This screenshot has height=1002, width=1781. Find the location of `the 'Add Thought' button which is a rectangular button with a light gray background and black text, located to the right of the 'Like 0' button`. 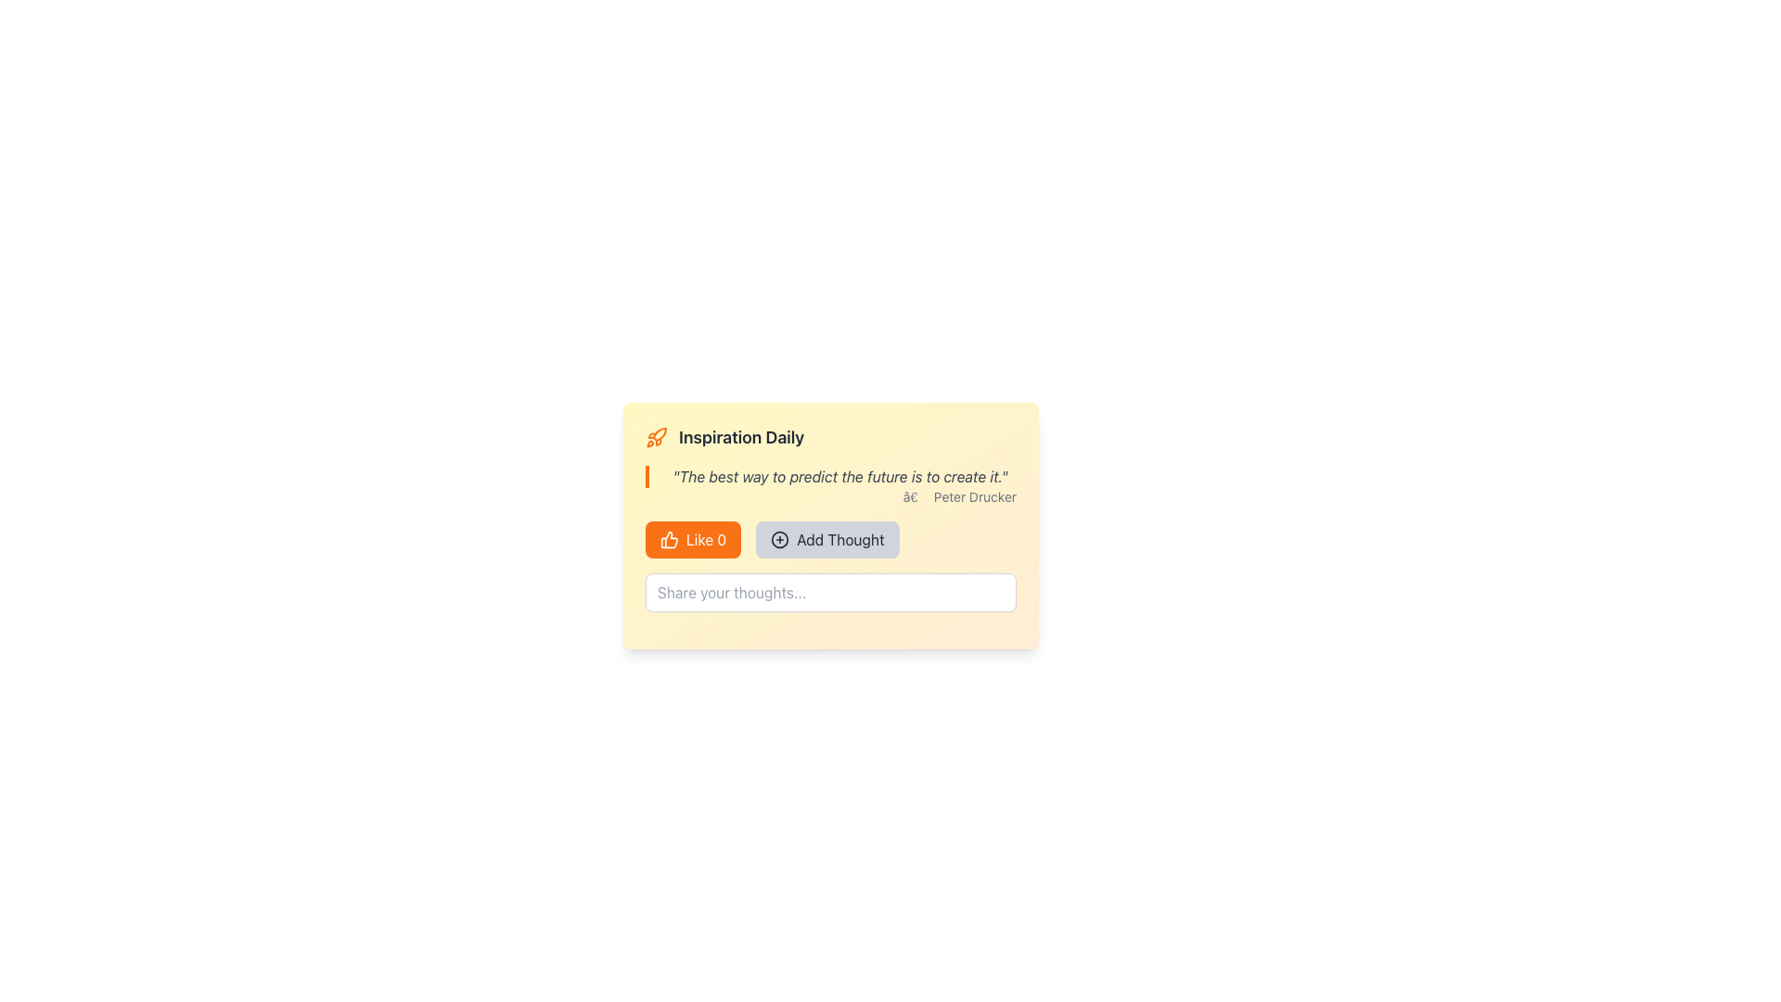

the 'Add Thought' button which is a rectangular button with a light gray background and black text, located to the right of the 'Like 0' button is located at coordinates (830, 540).